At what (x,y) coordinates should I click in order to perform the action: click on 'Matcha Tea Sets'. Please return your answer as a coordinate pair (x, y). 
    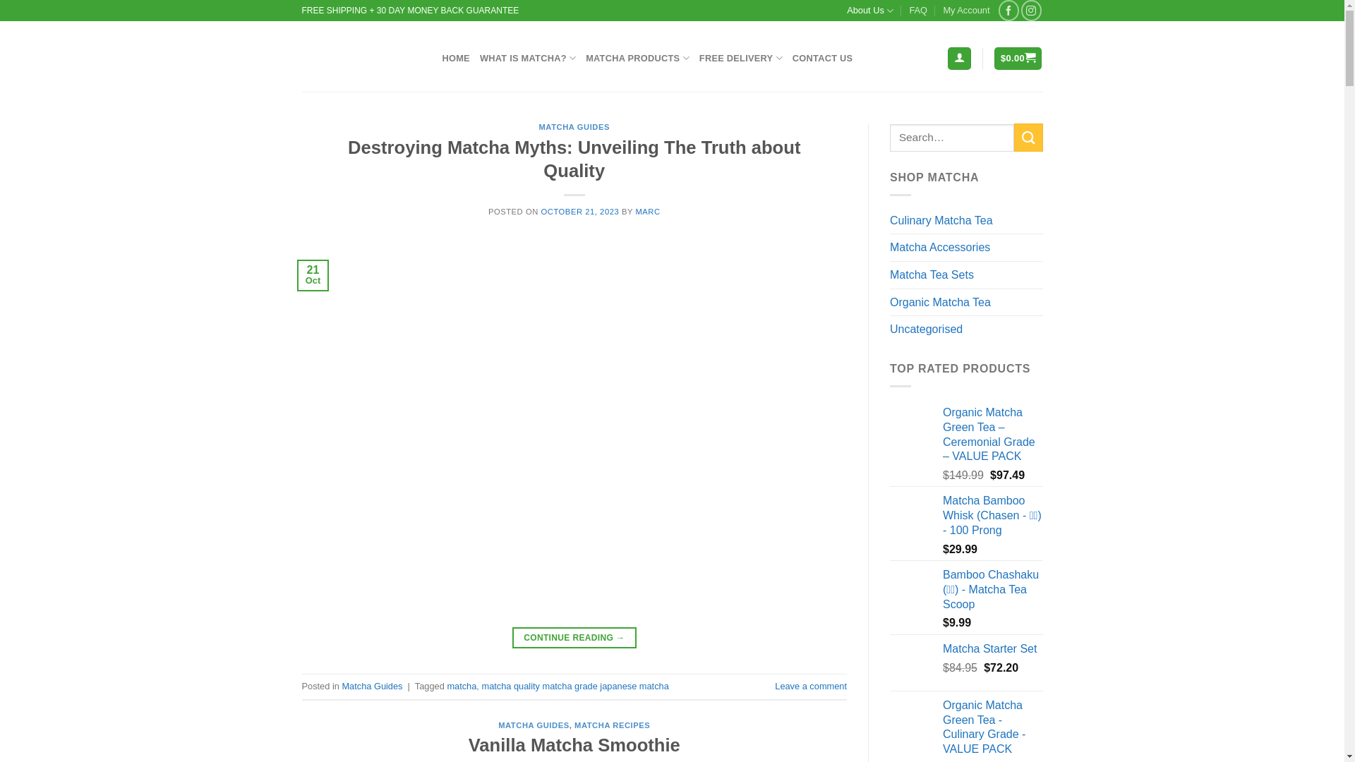
    Looking at the image, I should click on (965, 274).